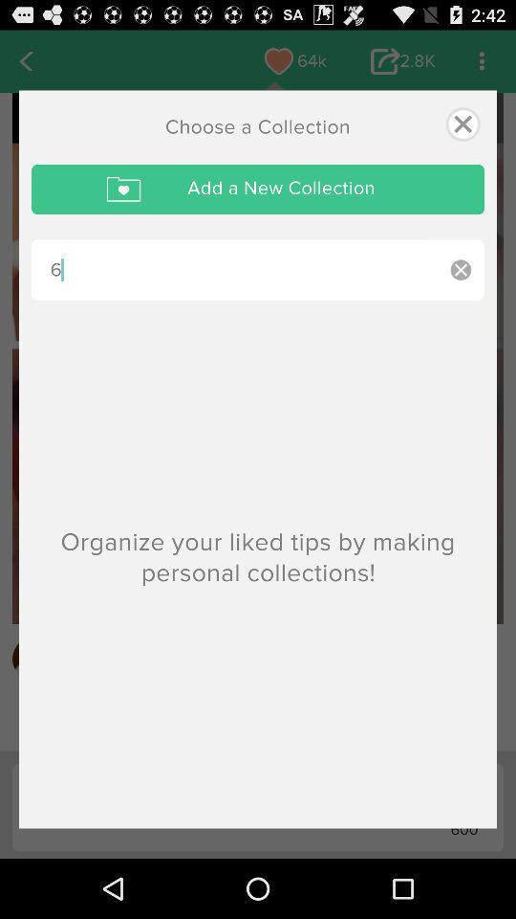 Image resolution: width=516 pixels, height=919 pixels. What do you see at coordinates (460, 269) in the screenshot?
I see `cancel or clear info typed button` at bounding box center [460, 269].